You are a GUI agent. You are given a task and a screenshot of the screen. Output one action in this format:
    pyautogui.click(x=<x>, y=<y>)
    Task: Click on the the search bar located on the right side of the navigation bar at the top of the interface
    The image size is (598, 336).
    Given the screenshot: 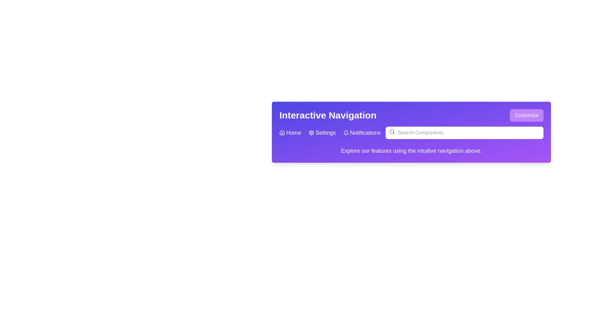 What is the action you would take?
    pyautogui.click(x=464, y=133)
    